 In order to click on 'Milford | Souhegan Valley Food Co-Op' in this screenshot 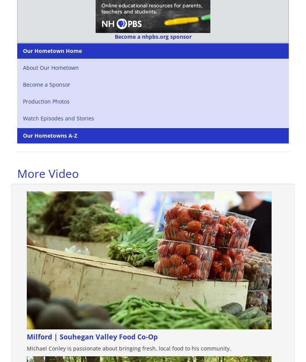, I will do `click(92, 337)`.